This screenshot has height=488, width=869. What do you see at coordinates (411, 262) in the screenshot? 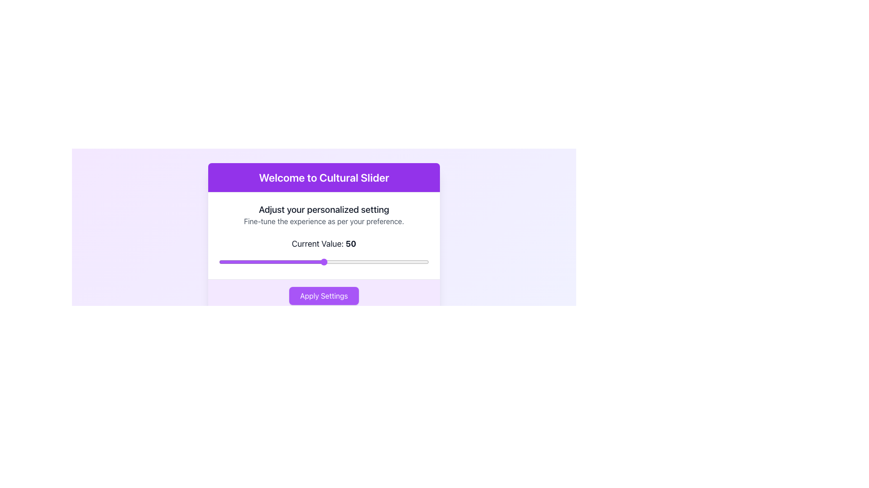
I see `the slider` at bounding box center [411, 262].